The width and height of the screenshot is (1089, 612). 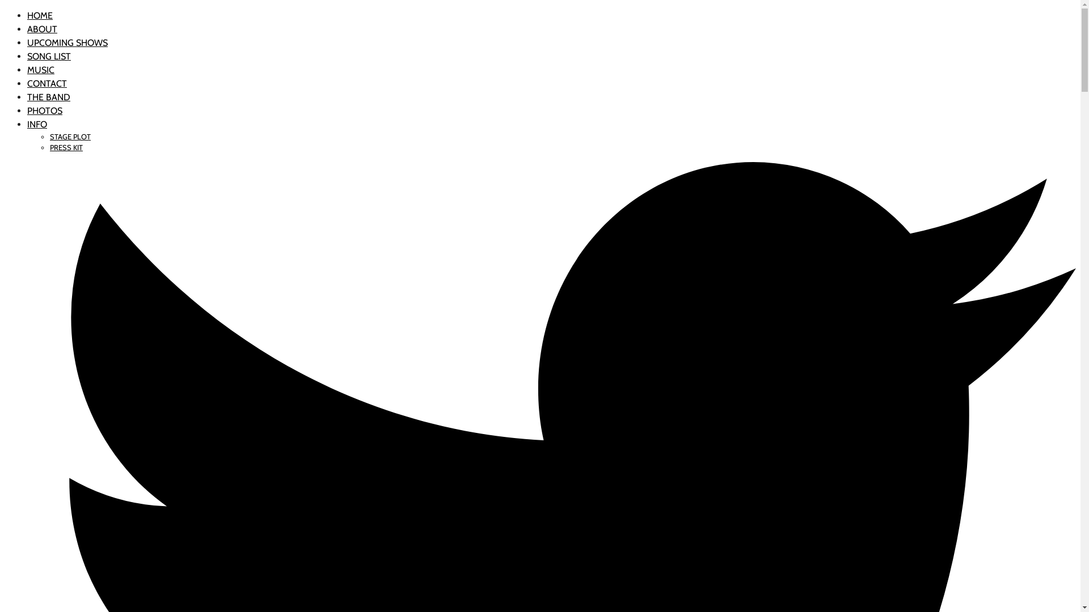 I want to click on 'PRESS KIT', so click(x=65, y=147).